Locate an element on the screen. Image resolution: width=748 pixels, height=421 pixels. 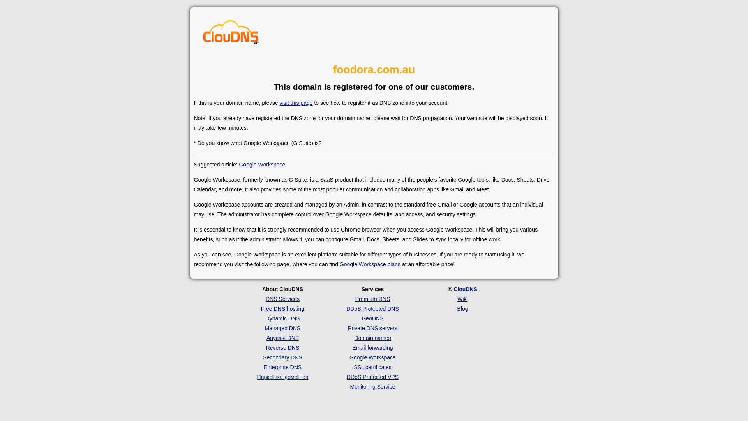
'ClouDNS' is located at coordinates (465, 289).